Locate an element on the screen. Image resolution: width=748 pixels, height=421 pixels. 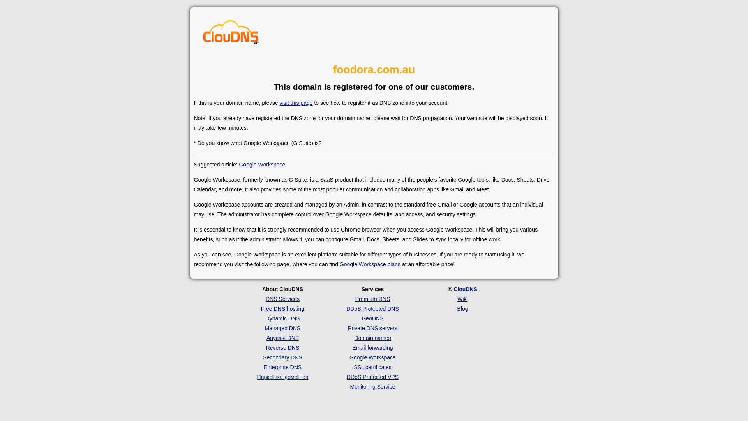
'ClouDNS' is located at coordinates (465, 289).